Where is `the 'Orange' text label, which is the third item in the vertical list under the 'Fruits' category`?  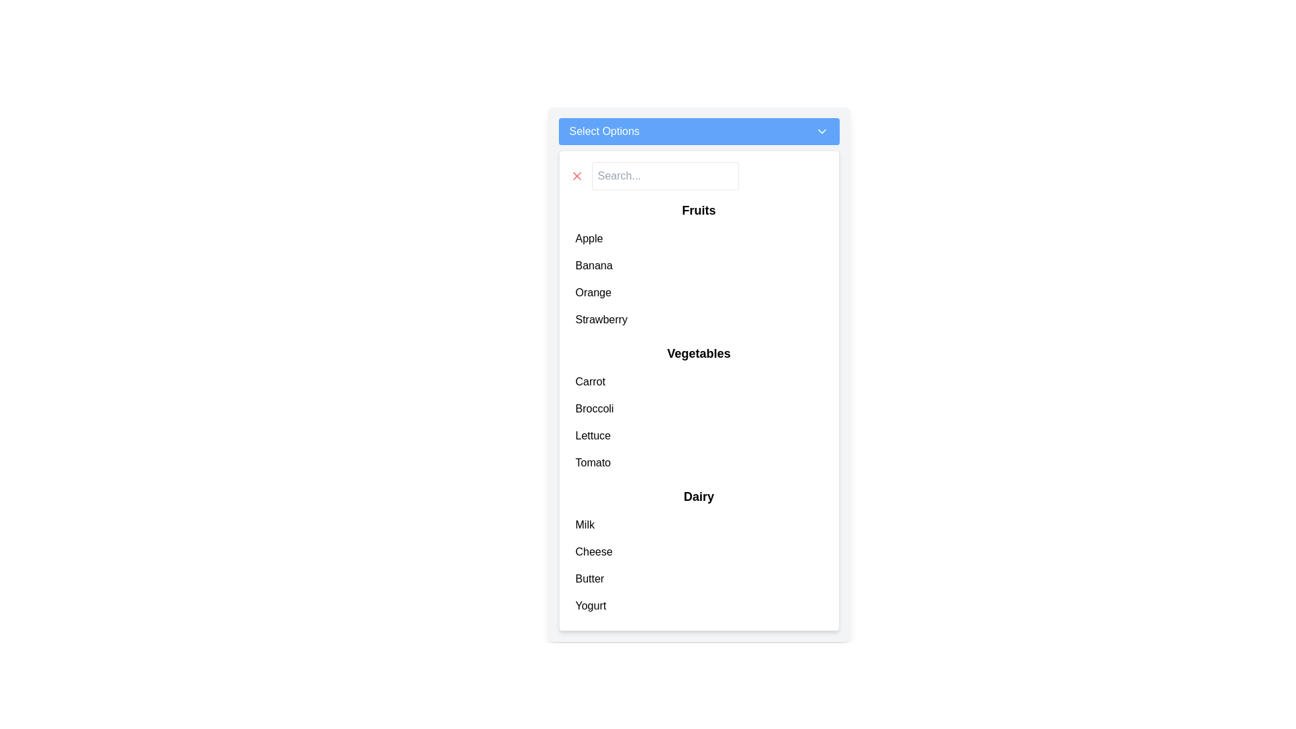
the 'Orange' text label, which is the third item in the vertical list under the 'Fruits' category is located at coordinates (593, 292).